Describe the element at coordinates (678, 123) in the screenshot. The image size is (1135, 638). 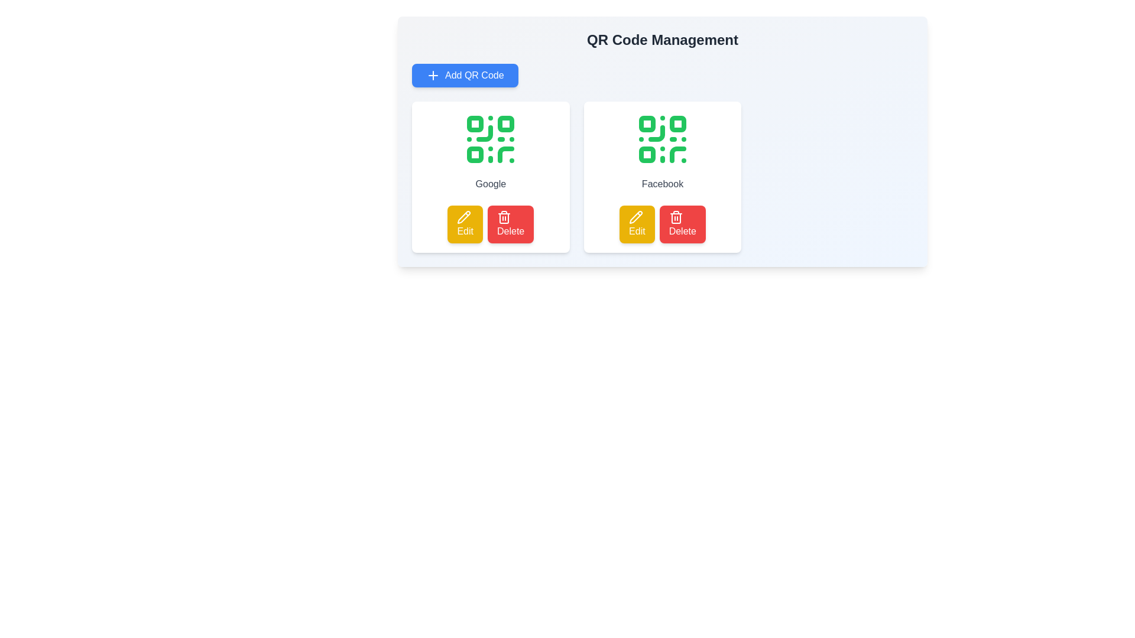
I see `the small square-shaped block in the top-right section of the QR code representing Facebook, which has rounded corners and blends with the QR code` at that location.